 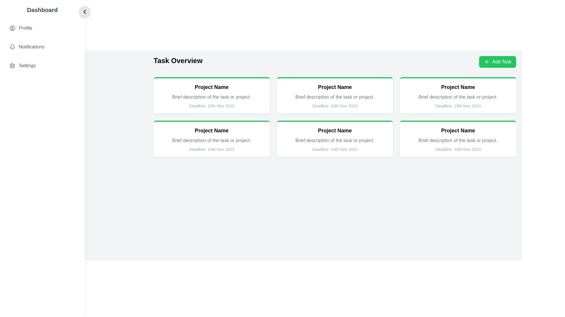 What do you see at coordinates (212, 139) in the screenshot?
I see `the Informational card located in the bottom row of a 3x2 grid layout, which is the leftmost element and contains project details` at bounding box center [212, 139].